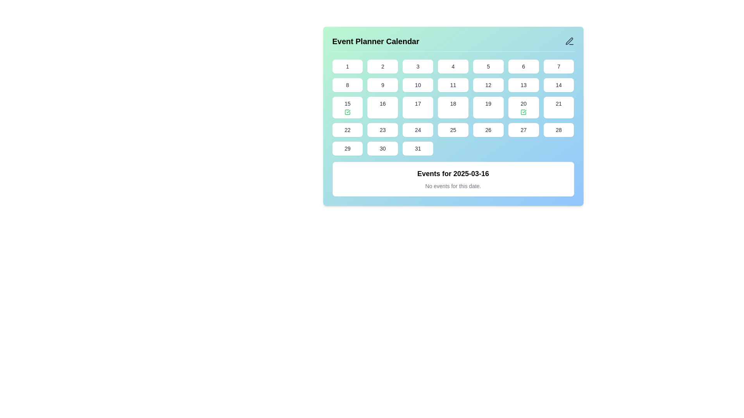 The width and height of the screenshot is (744, 418). I want to click on the button displaying the number '30' in the last row of the calendar grid, located in the 6th column between '29' and '31', so click(382, 149).